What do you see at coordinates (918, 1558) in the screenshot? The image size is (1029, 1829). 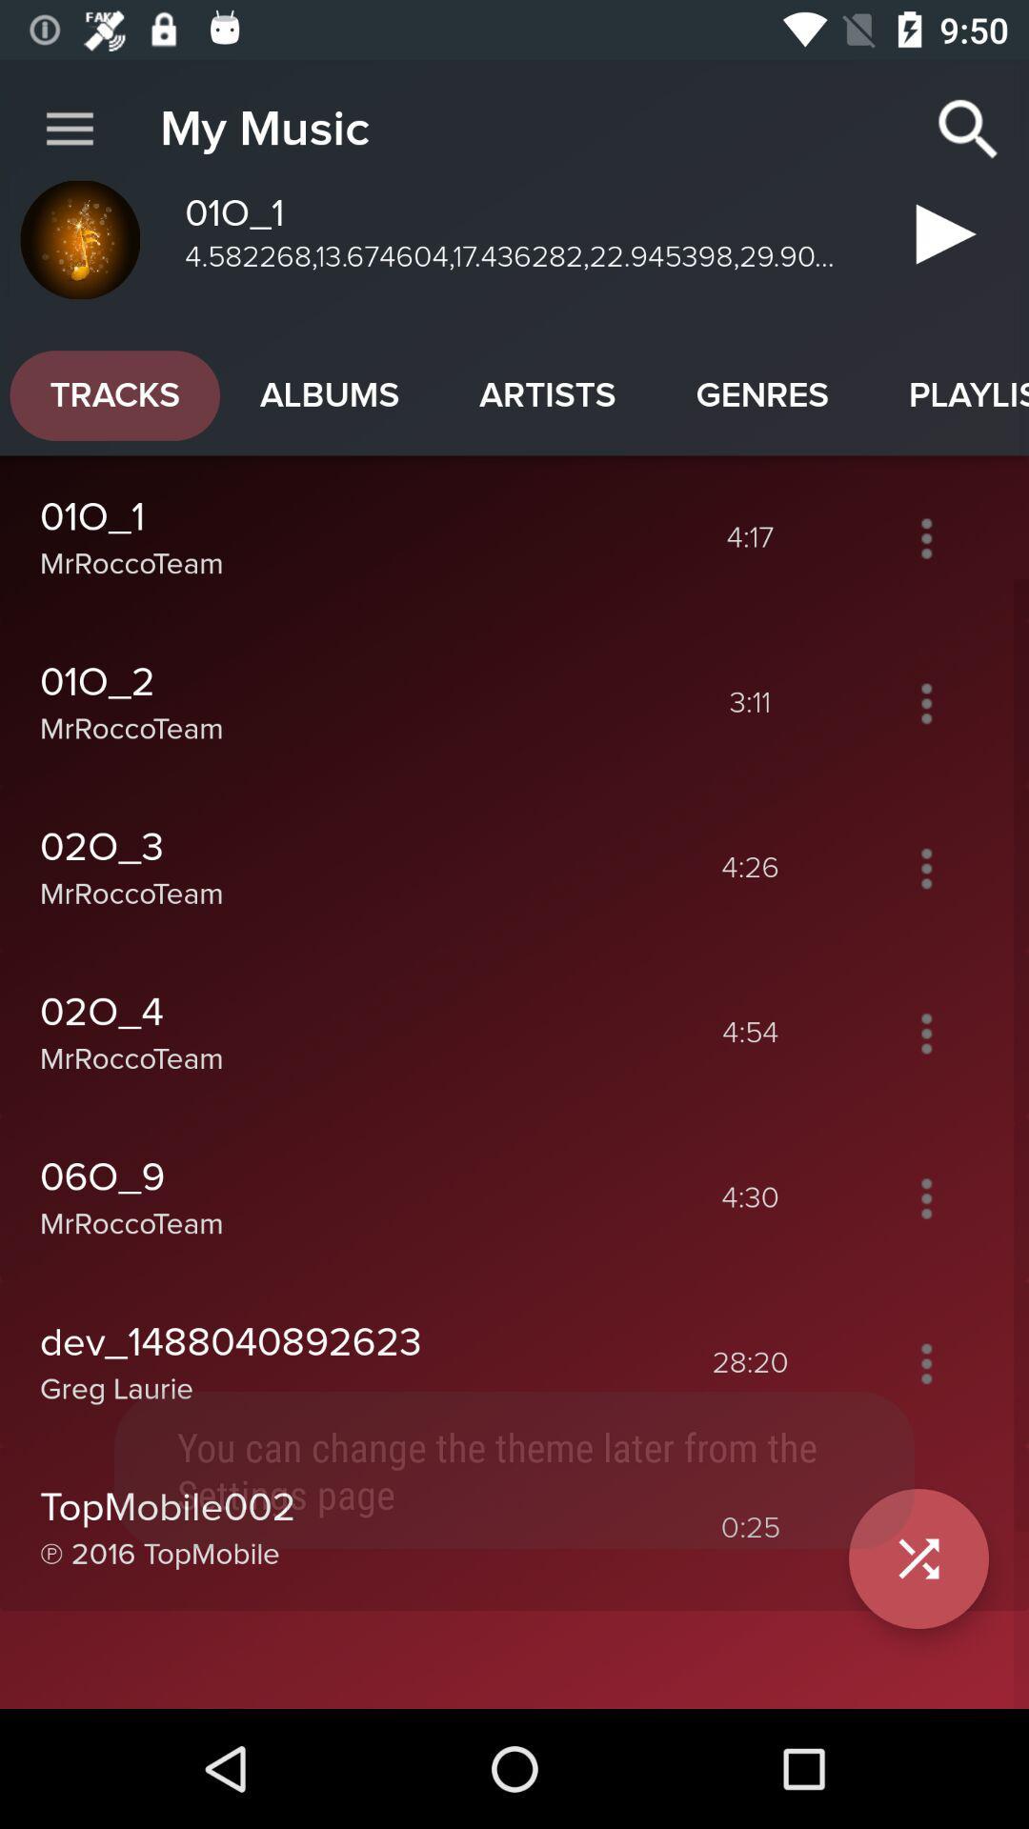 I see `the close icon` at bounding box center [918, 1558].